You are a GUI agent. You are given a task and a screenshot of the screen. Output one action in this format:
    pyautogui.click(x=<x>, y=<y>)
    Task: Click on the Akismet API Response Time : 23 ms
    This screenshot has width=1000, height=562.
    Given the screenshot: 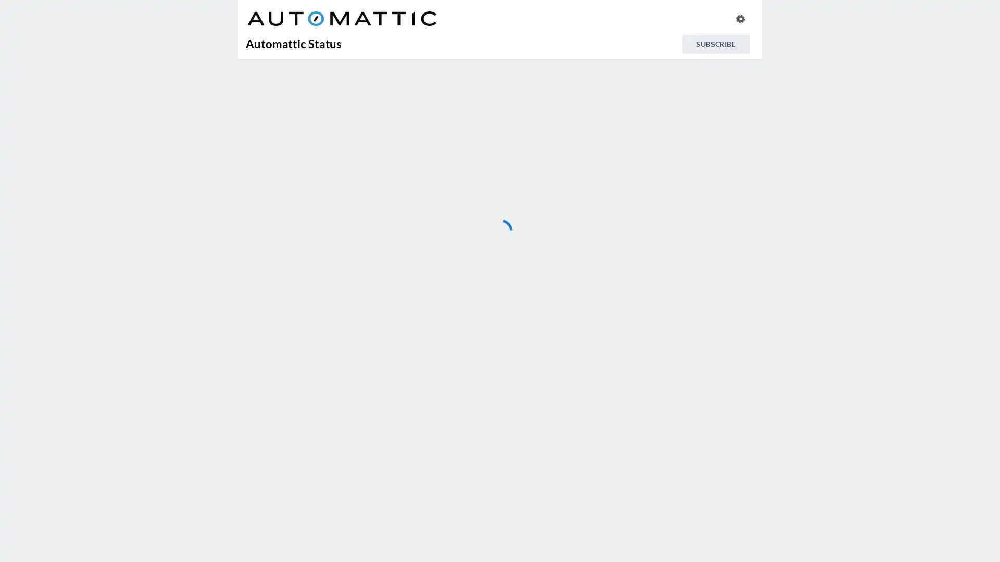 What is the action you would take?
    pyautogui.click(x=436, y=189)
    